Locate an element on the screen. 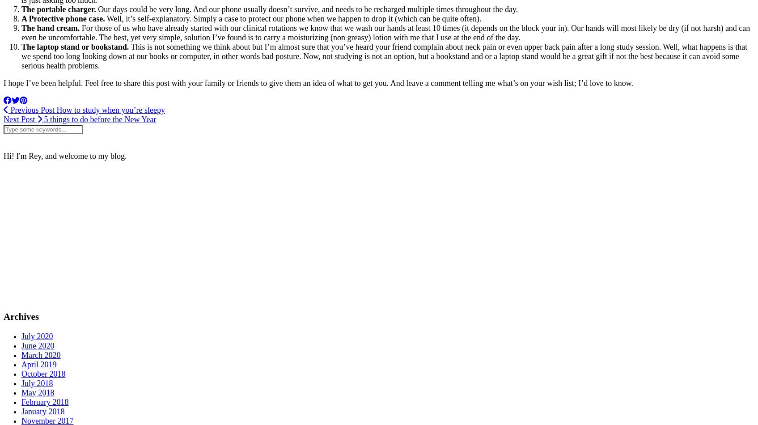  'The portable charger.' is located at coordinates (59, 9).